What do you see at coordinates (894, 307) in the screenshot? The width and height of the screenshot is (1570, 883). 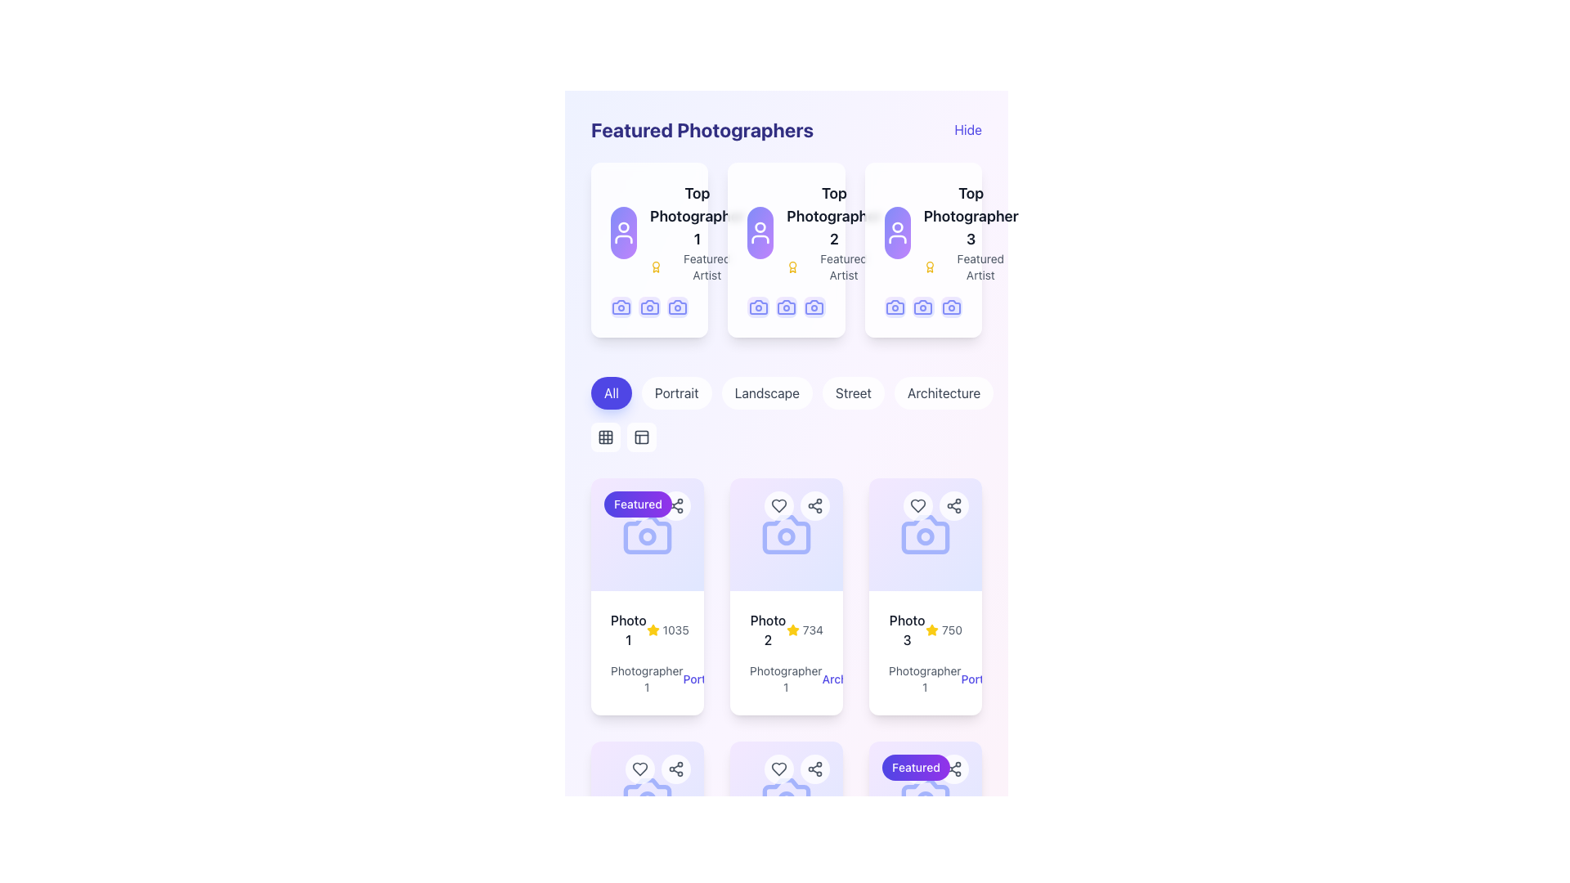 I see `the minimalist camera icon with a gradient background located in the lower middle section of the 'Top Photographer 3' card` at bounding box center [894, 307].